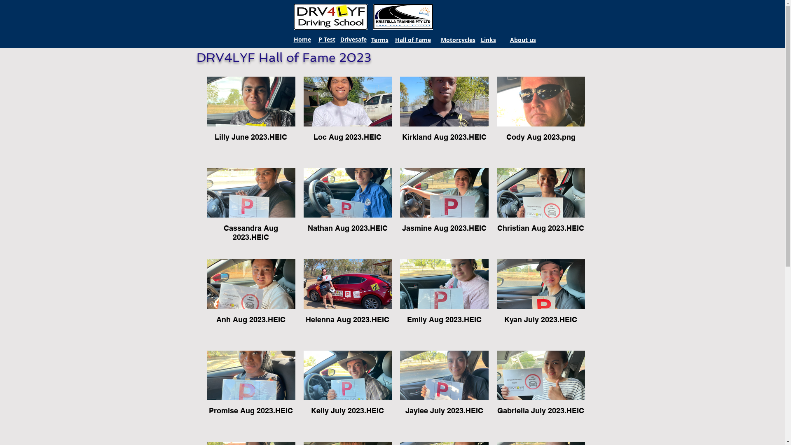 The image size is (791, 445). Describe the element at coordinates (488, 40) in the screenshot. I see `'Links'` at that location.